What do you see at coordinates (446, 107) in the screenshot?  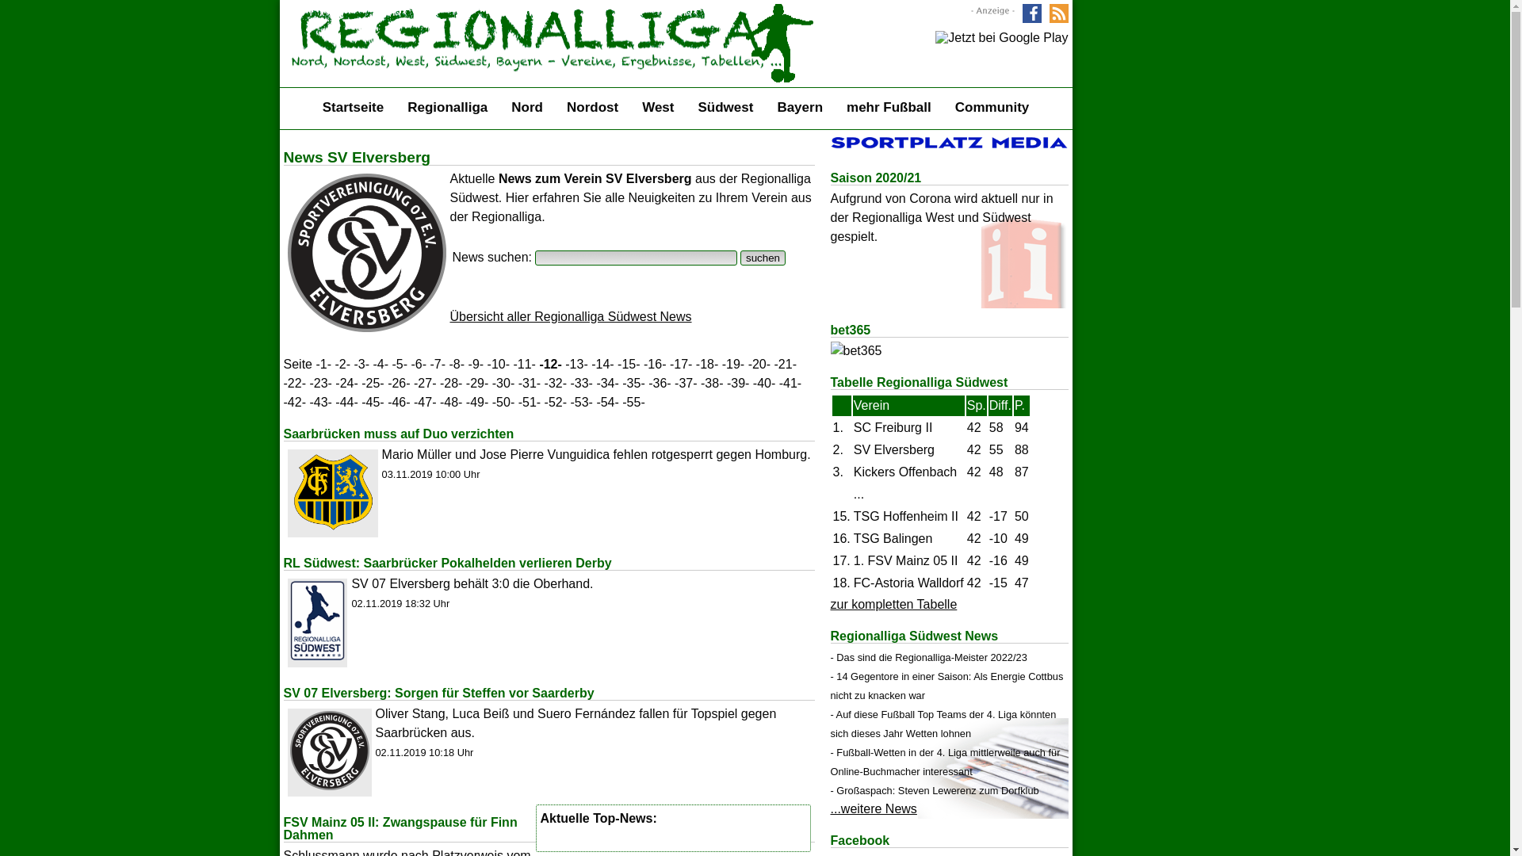 I see `'Regionalliga'` at bounding box center [446, 107].